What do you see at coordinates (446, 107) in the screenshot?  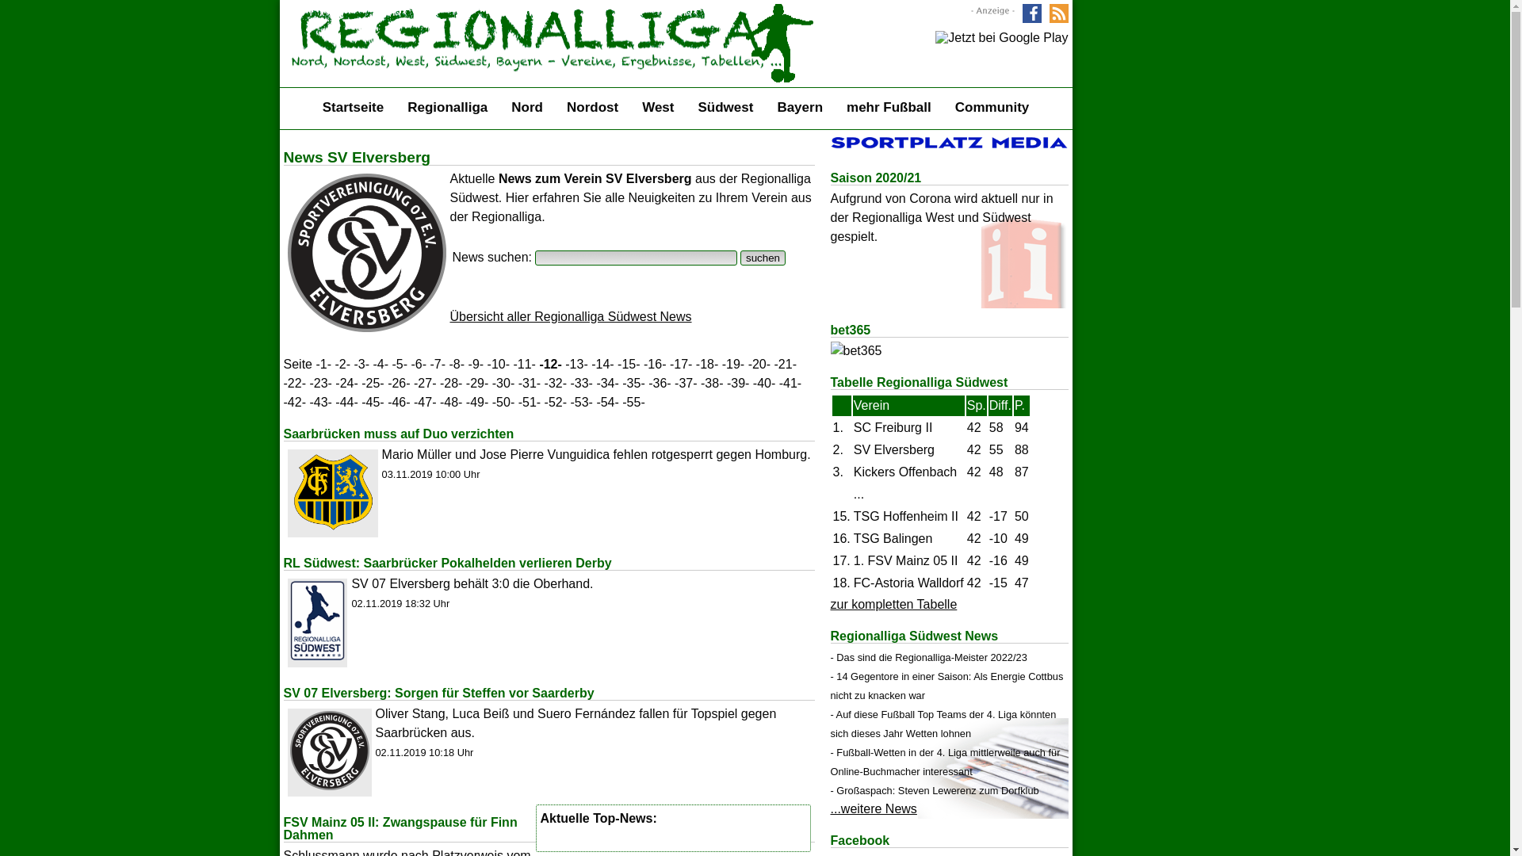 I see `'Regionalliga'` at bounding box center [446, 107].